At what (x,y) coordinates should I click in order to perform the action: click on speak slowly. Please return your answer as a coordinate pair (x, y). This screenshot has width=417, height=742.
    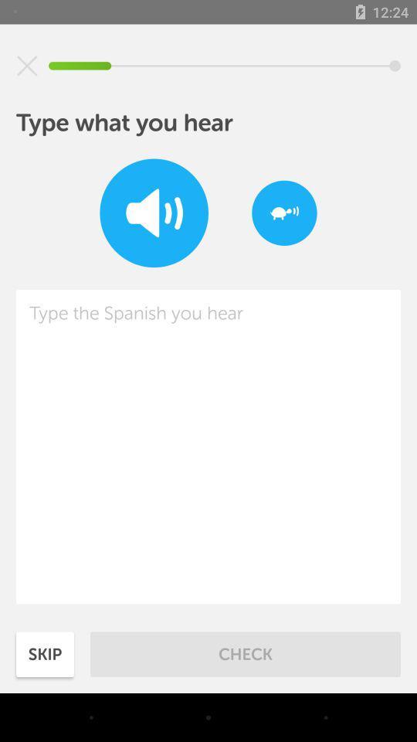
    Looking at the image, I should click on (283, 212).